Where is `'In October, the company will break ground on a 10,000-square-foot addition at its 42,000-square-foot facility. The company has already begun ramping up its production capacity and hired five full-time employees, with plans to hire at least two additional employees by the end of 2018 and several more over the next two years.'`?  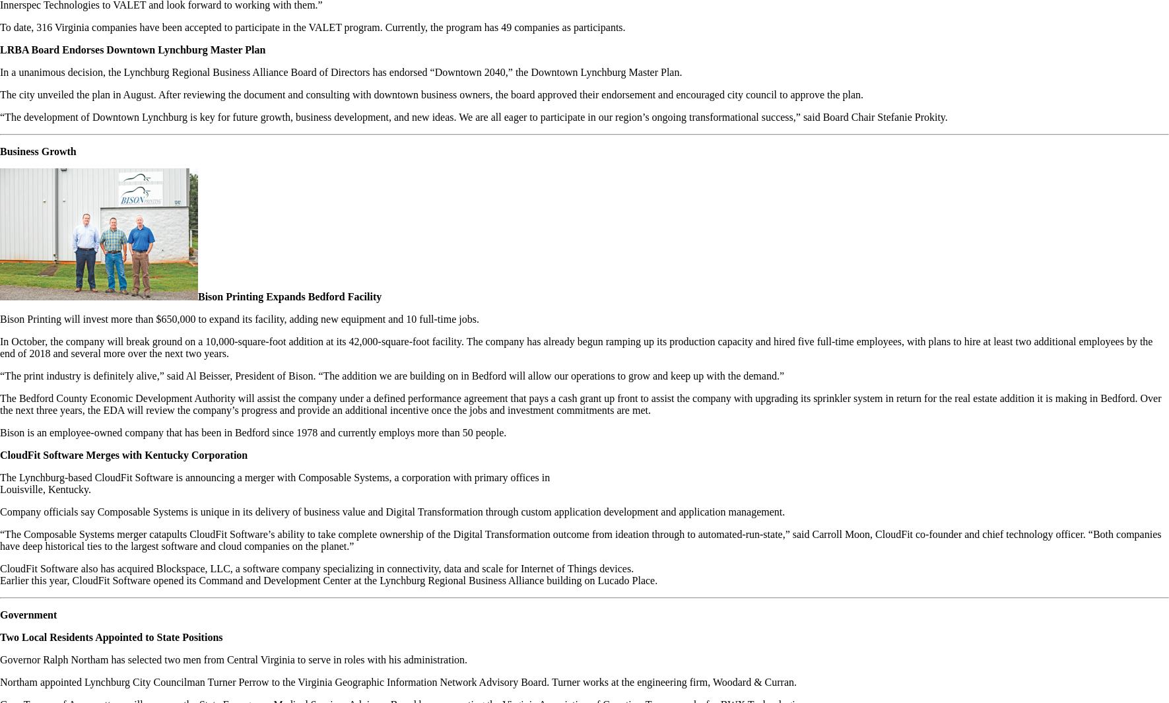
'In October, the company will break ground on a 10,000-square-foot addition at its 42,000-square-foot facility. The company has already begun ramping up its production capacity and hired five full-time employees, with plans to hire at least two additional employees by the end of 2018 and several more over the next two years.' is located at coordinates (575, 347).